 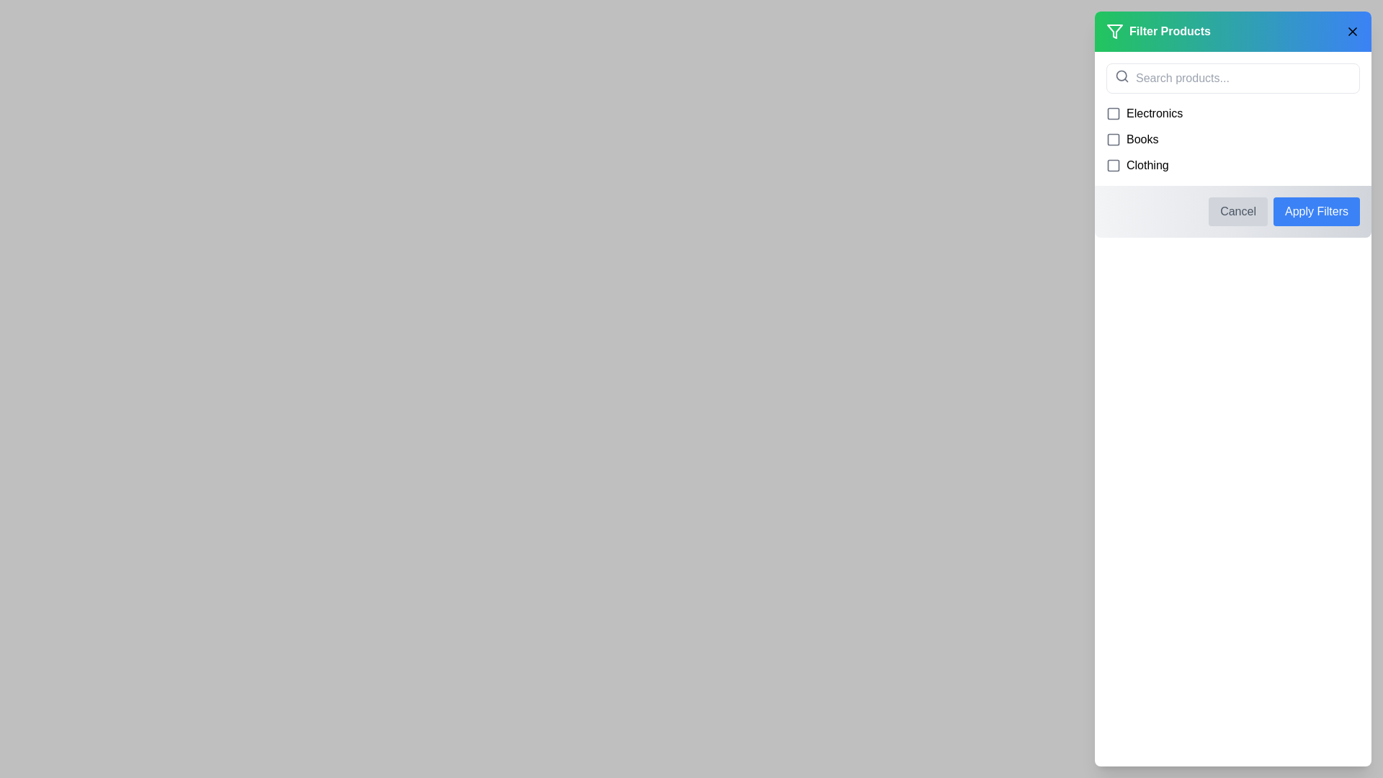 What do you see at coordinates (1351, 31) in the screenshot?
I see `the close button located at the top-right corner of the 'Filter Products' header section` at bounding box center [1351, 31].